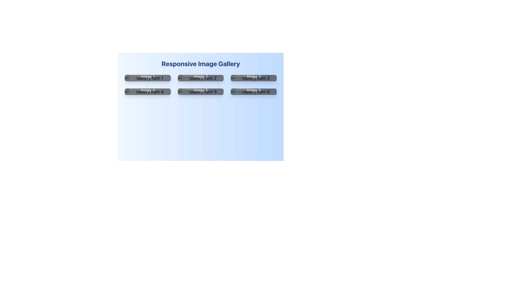  I want to click on the image placeholder labeled 'Gallery Item 5', which is positioned in the bottom-center cell of the 2x3 grid layout, so click(200, 91).